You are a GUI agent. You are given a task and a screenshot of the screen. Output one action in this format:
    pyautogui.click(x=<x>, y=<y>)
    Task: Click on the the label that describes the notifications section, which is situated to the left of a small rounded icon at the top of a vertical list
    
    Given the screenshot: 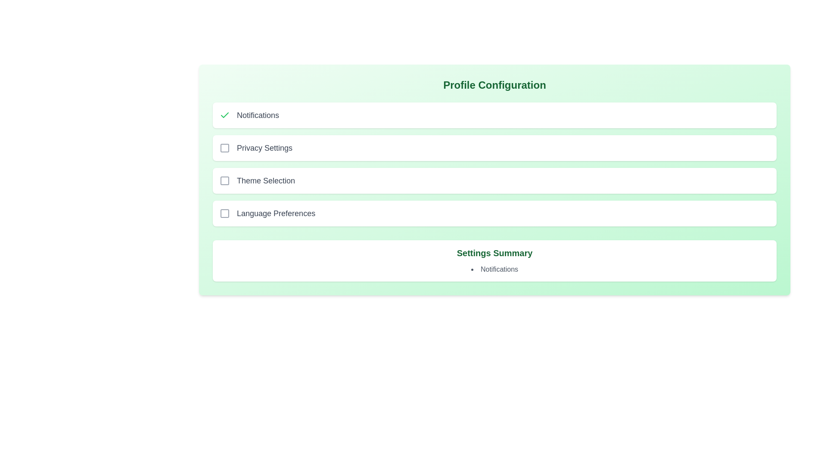 What is the action you would take?
    pyautogui.click(x=258, y=115)
    